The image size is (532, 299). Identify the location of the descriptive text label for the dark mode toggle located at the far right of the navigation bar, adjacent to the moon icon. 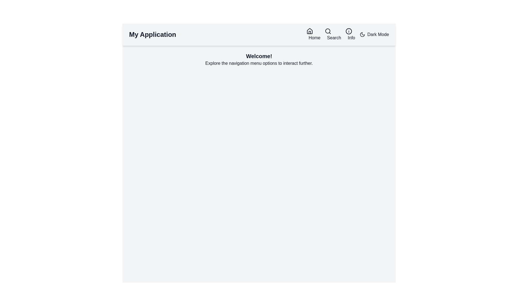
(378, 34).